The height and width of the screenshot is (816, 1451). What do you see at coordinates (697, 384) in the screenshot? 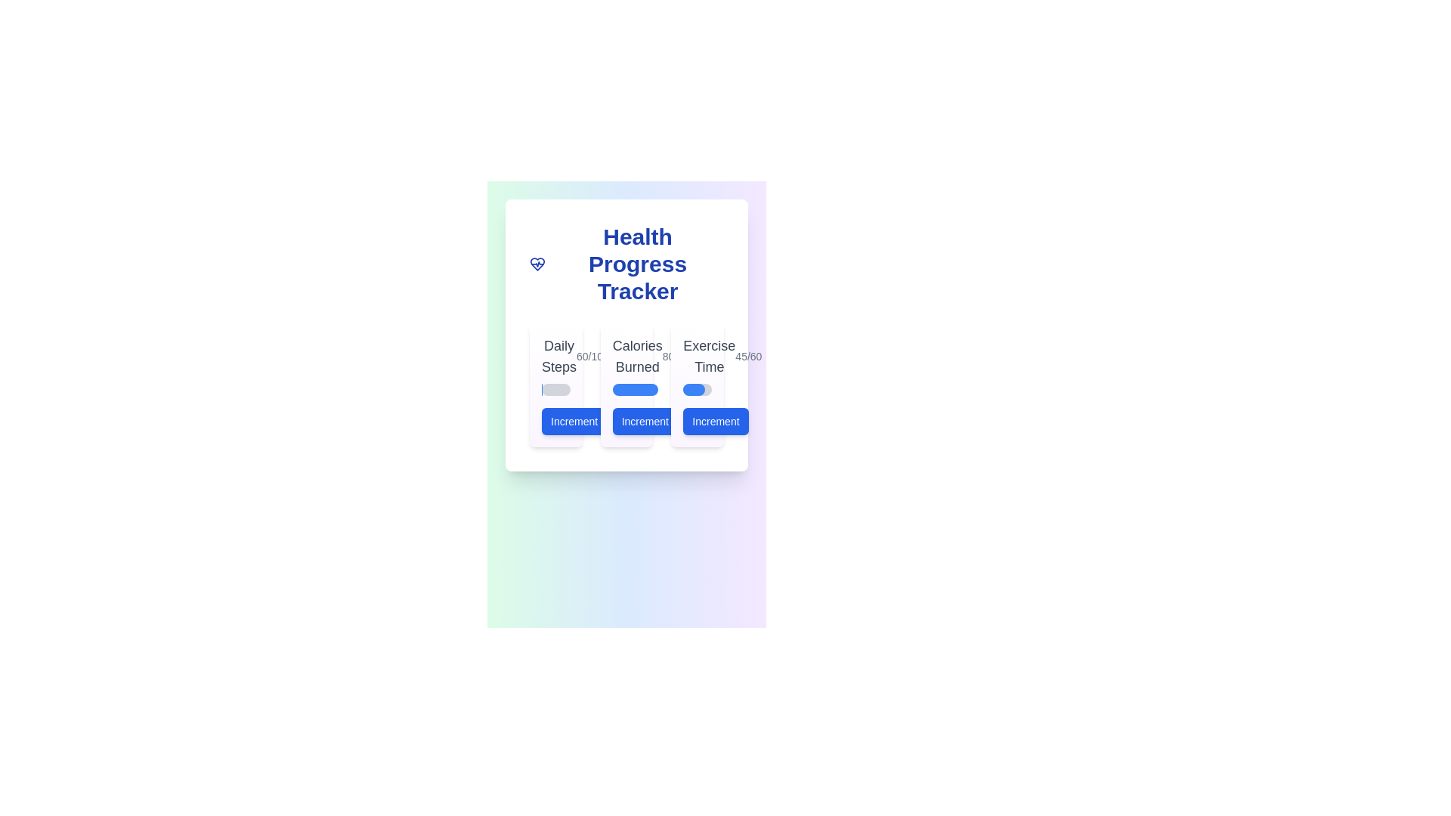
I see `the horizontal toggle switch indicating an off state, located below the 'Exercise Time' text label in the third card of the grid layout` at bounding box center [697, 384].